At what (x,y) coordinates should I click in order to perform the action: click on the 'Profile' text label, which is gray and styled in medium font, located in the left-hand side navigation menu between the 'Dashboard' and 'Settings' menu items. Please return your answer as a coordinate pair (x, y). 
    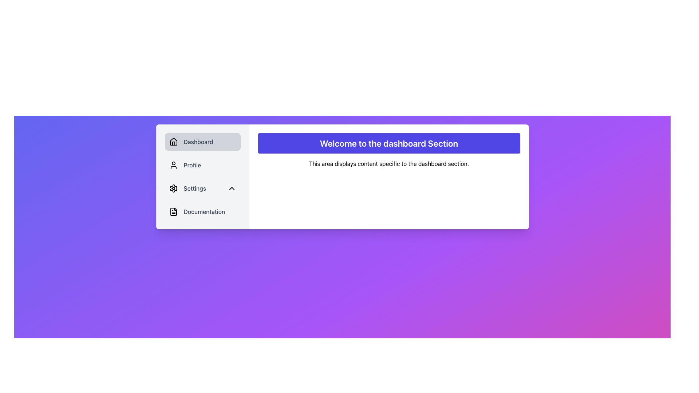
    Looking at the image, I should click on (192, 165).